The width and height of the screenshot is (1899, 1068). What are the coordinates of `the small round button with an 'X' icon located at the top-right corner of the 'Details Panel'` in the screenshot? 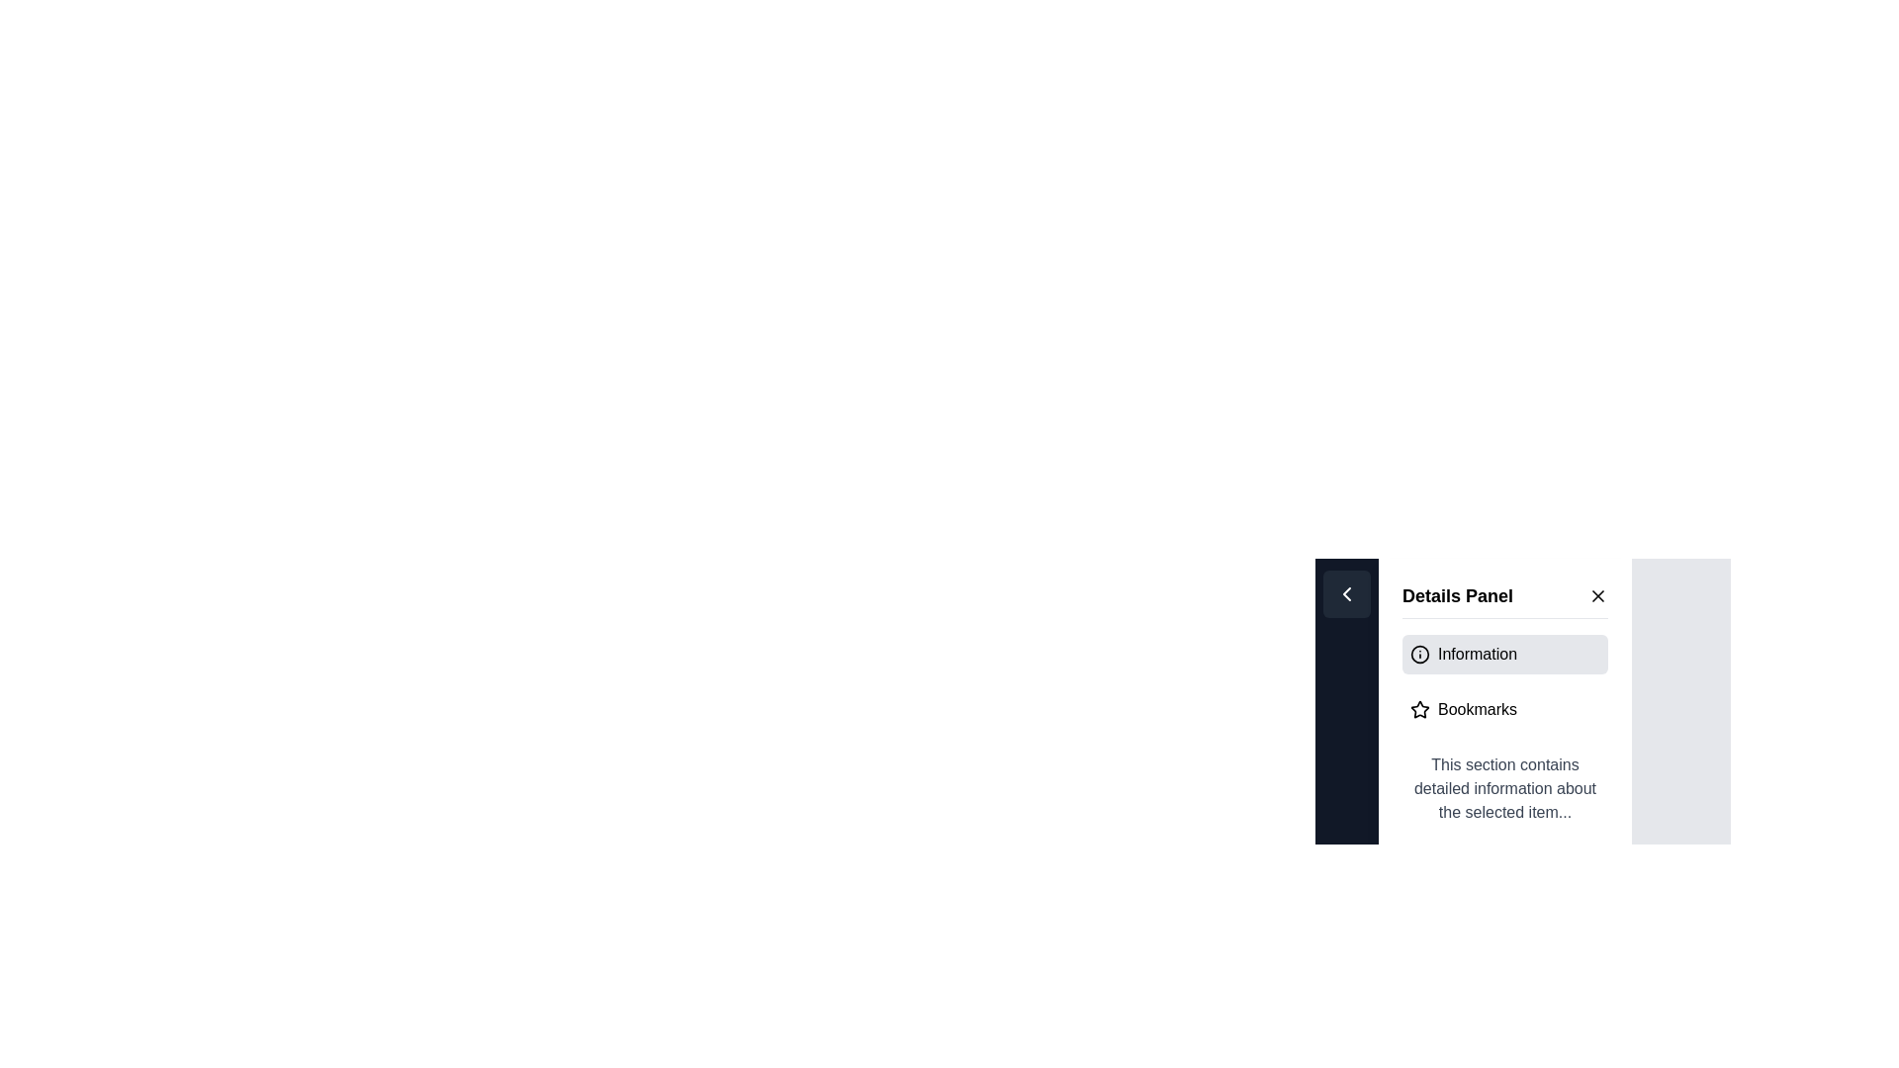 It's located at (1598, 594).